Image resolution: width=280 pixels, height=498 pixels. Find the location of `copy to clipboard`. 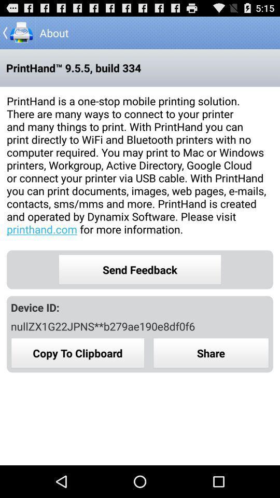

copy to clipboard is located at coordinates (77, 353).